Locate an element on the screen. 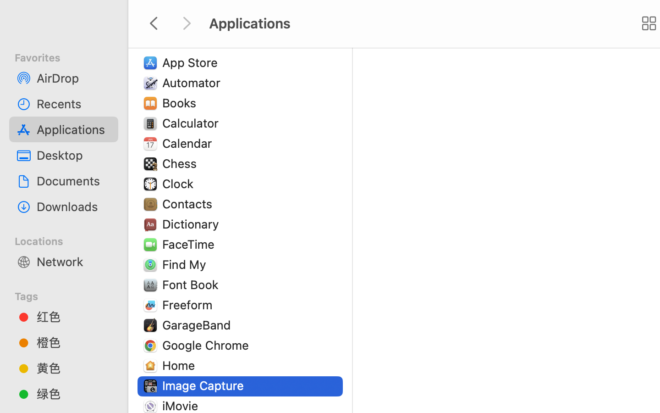 The image size is (660, 413). 'Tags' is located at coordinates (69, 295).